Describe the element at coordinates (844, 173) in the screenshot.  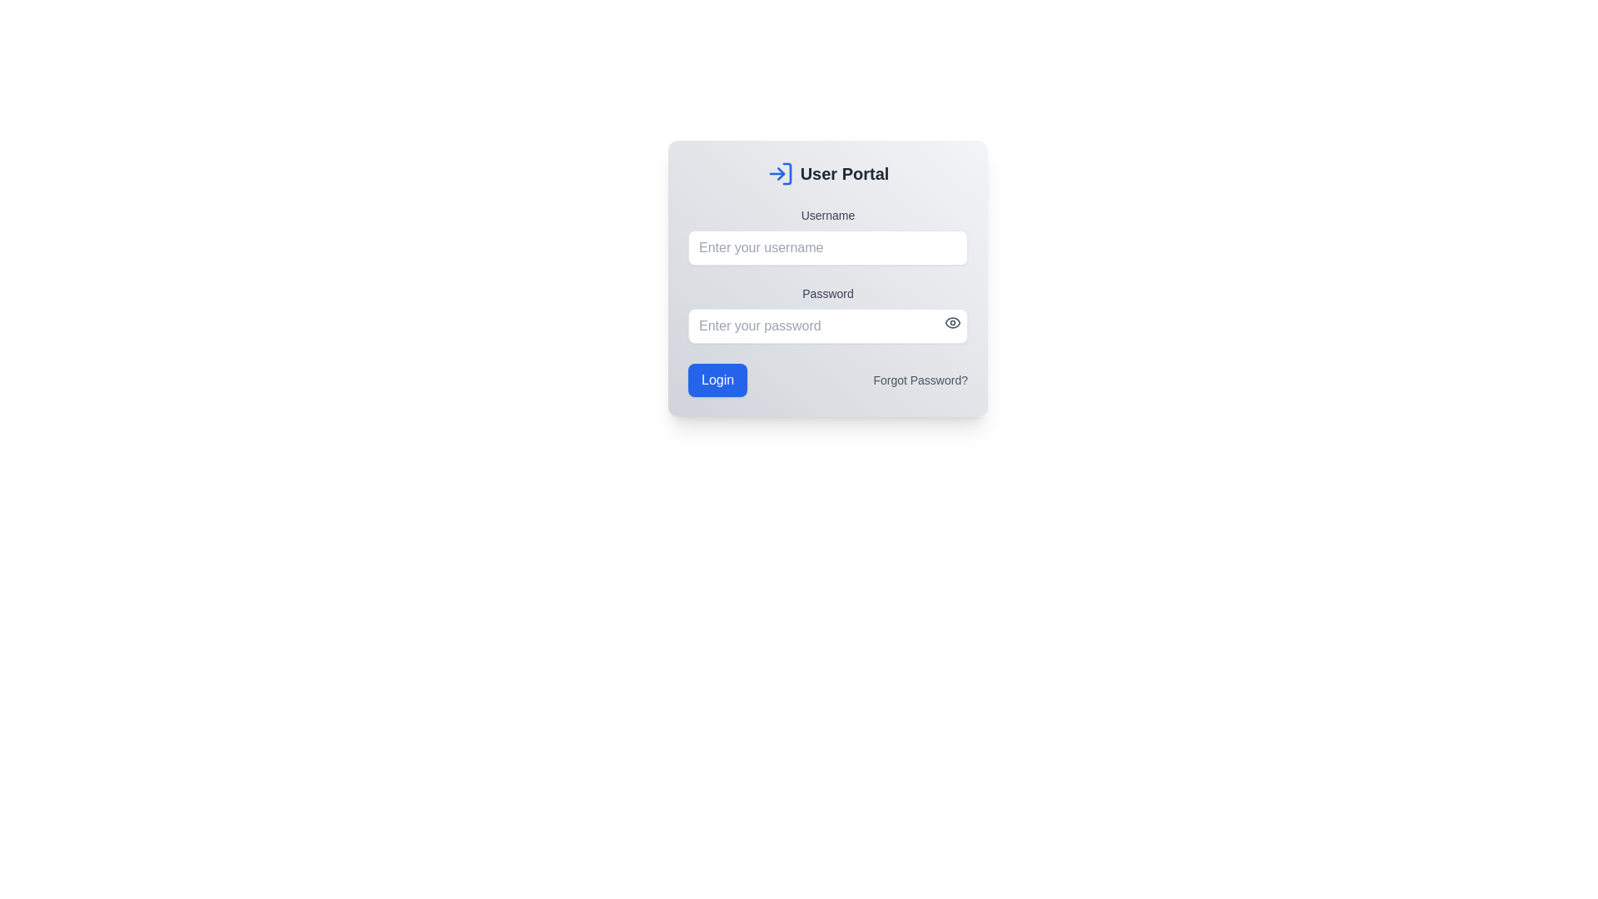
I see `the header text label located to the right of the login icon at the top section of the user portal interface` at that location.